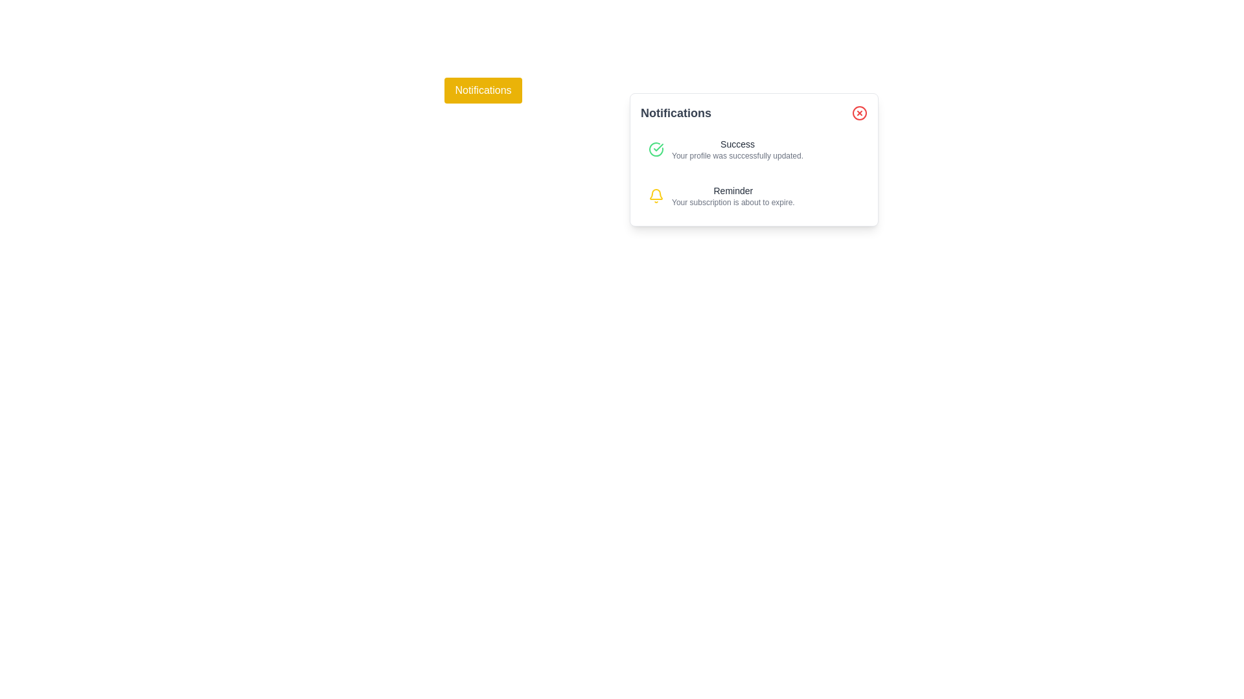 The height and width of the screenshot is (699, 1244). What do you see at coordinates (733, 196) in the screenshot?
I see `the second notification entry in the notifications panel that contains the title 'Reminder' and a message about subscription expiration` at bounding box center [733, 196].